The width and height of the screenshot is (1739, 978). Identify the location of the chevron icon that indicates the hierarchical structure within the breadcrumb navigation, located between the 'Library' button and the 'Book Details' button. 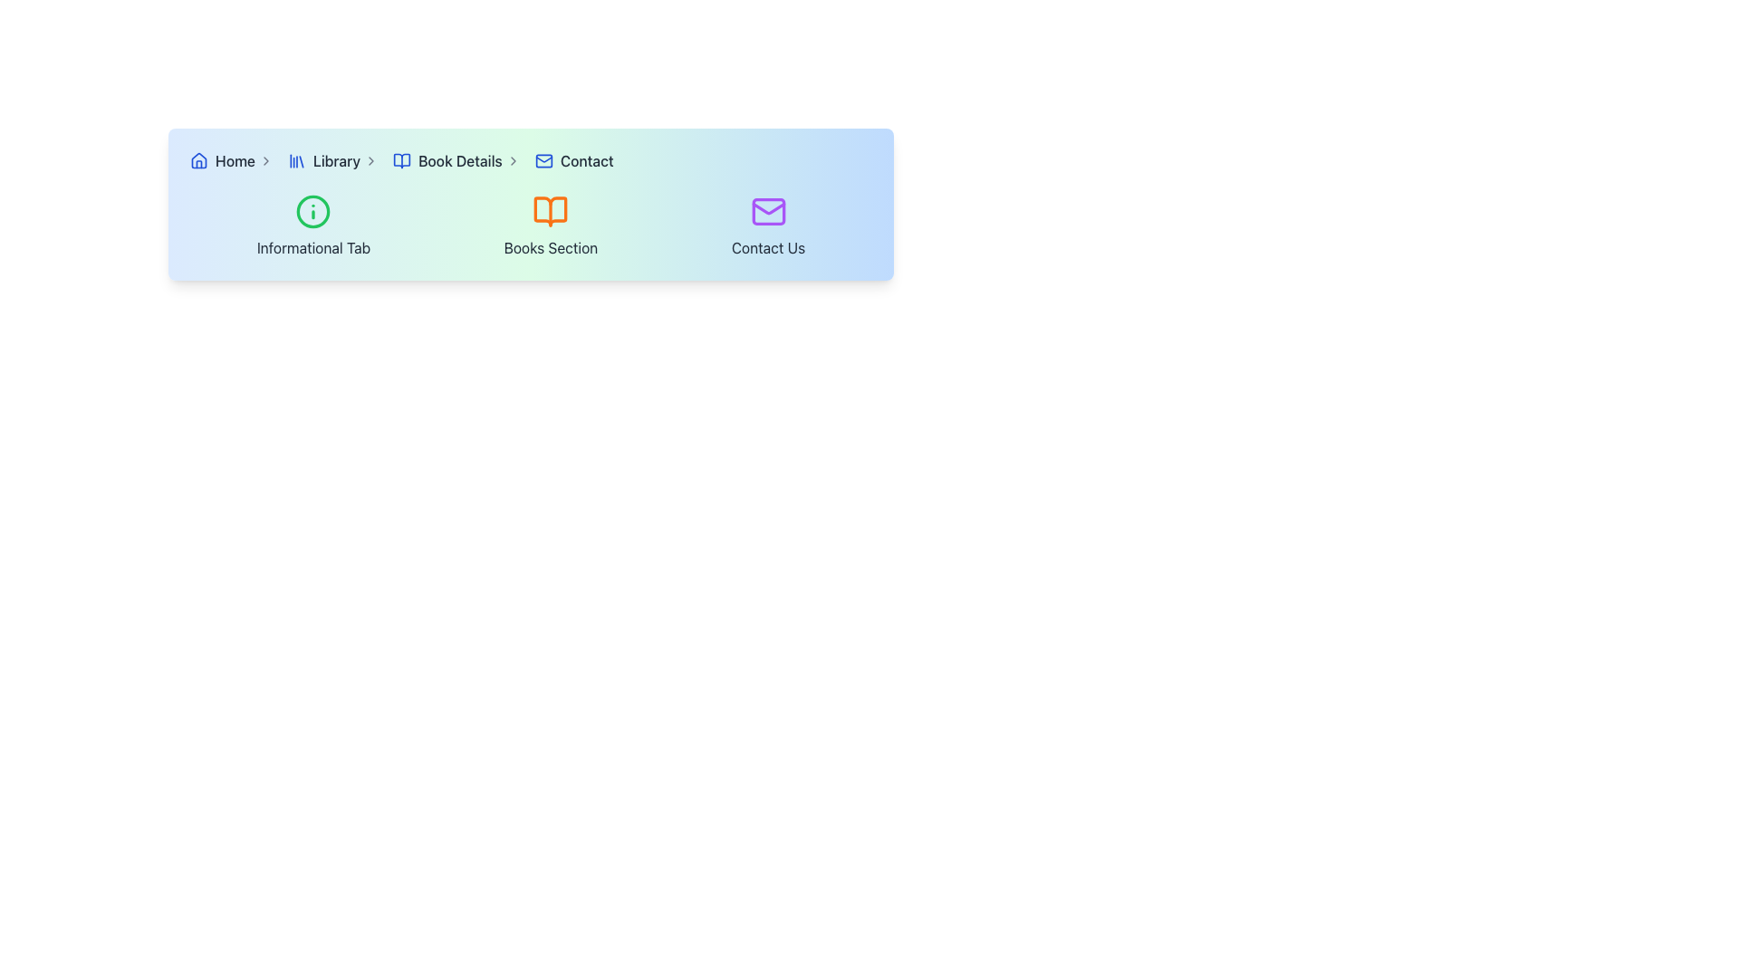
(370, 159).